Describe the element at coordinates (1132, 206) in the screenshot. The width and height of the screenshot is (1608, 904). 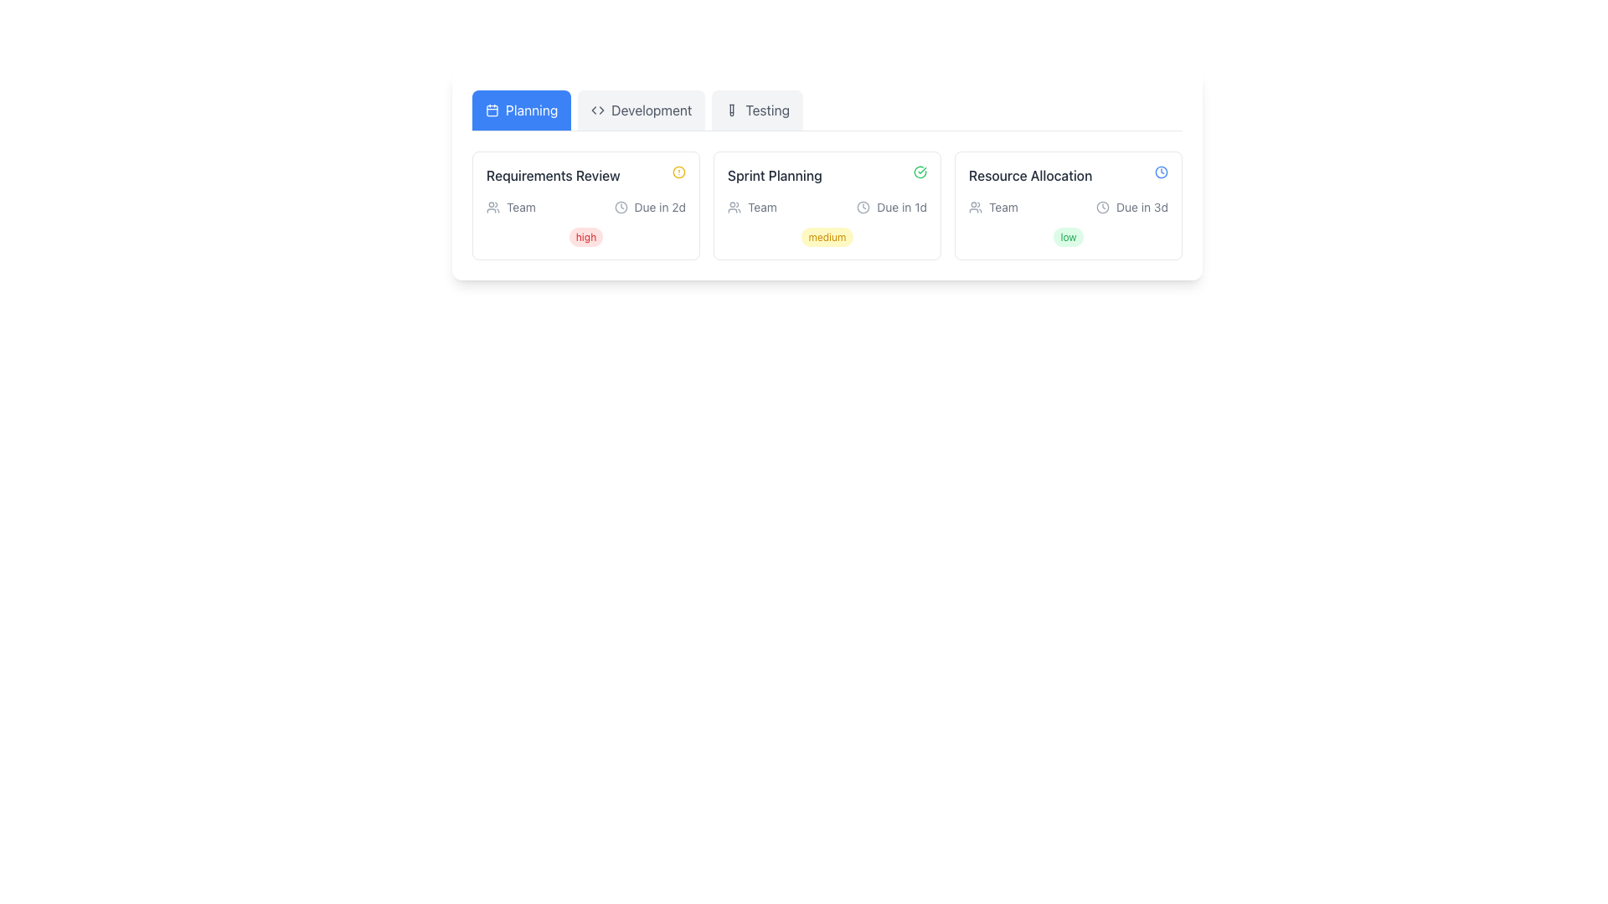
I see `the 'Due in 3d' text element with a clock icon located in the bottom section of the 'Resource Allocation' card, specifically to the right of the 'Team' text` at that location.